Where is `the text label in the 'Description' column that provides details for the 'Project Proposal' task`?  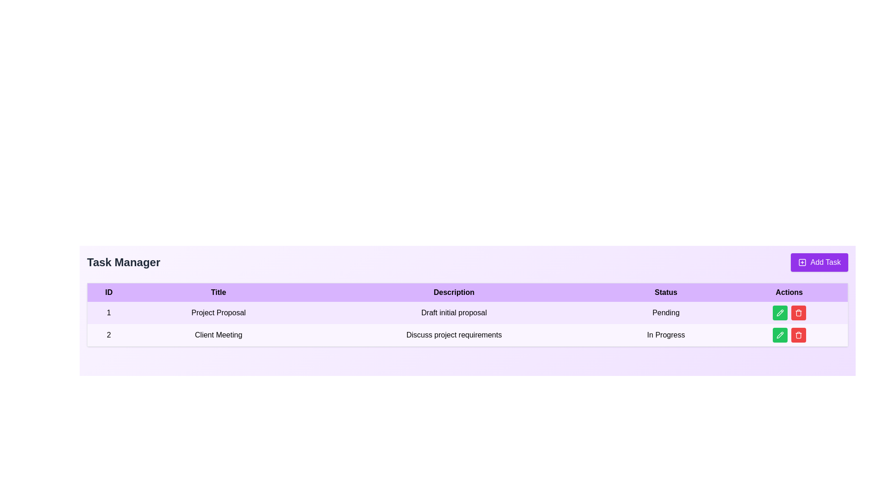 the text label in the 'Description' column that provides details for the 'Project Proposal' task is located at coordinates (454, 312).